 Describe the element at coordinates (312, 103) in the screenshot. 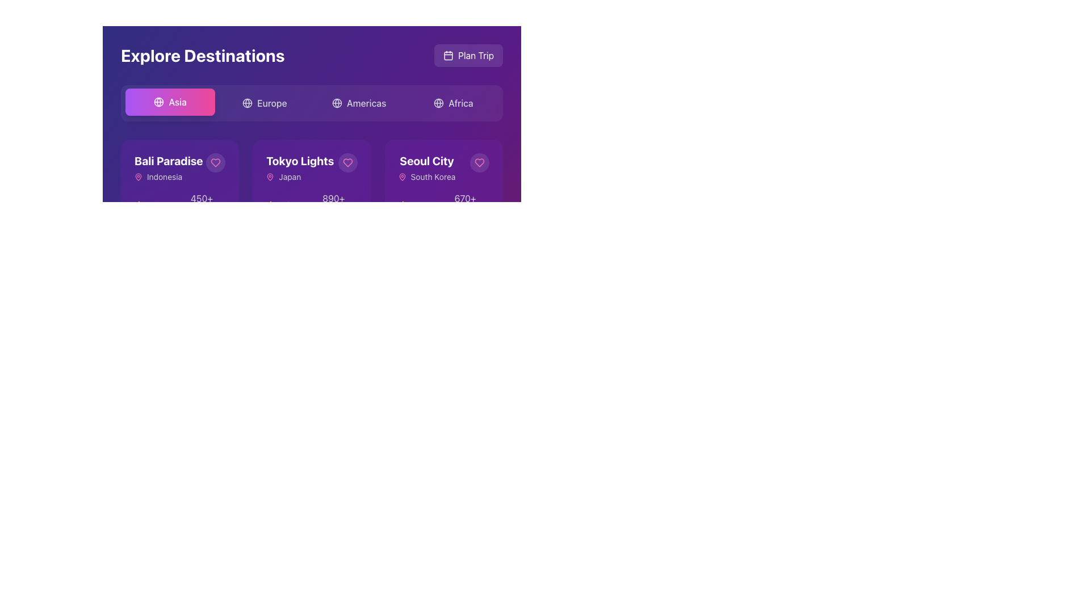

I see `the Tab Navigation Bar located below the 'Explore Destinations' title section` at that location.